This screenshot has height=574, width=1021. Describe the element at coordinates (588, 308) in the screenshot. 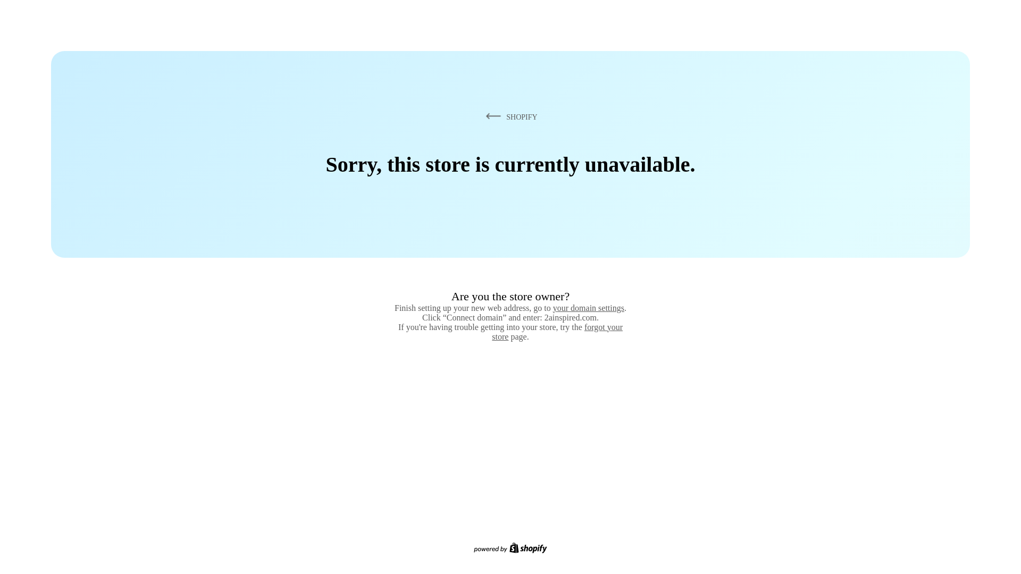

I see `'your domain settings'` at that location.